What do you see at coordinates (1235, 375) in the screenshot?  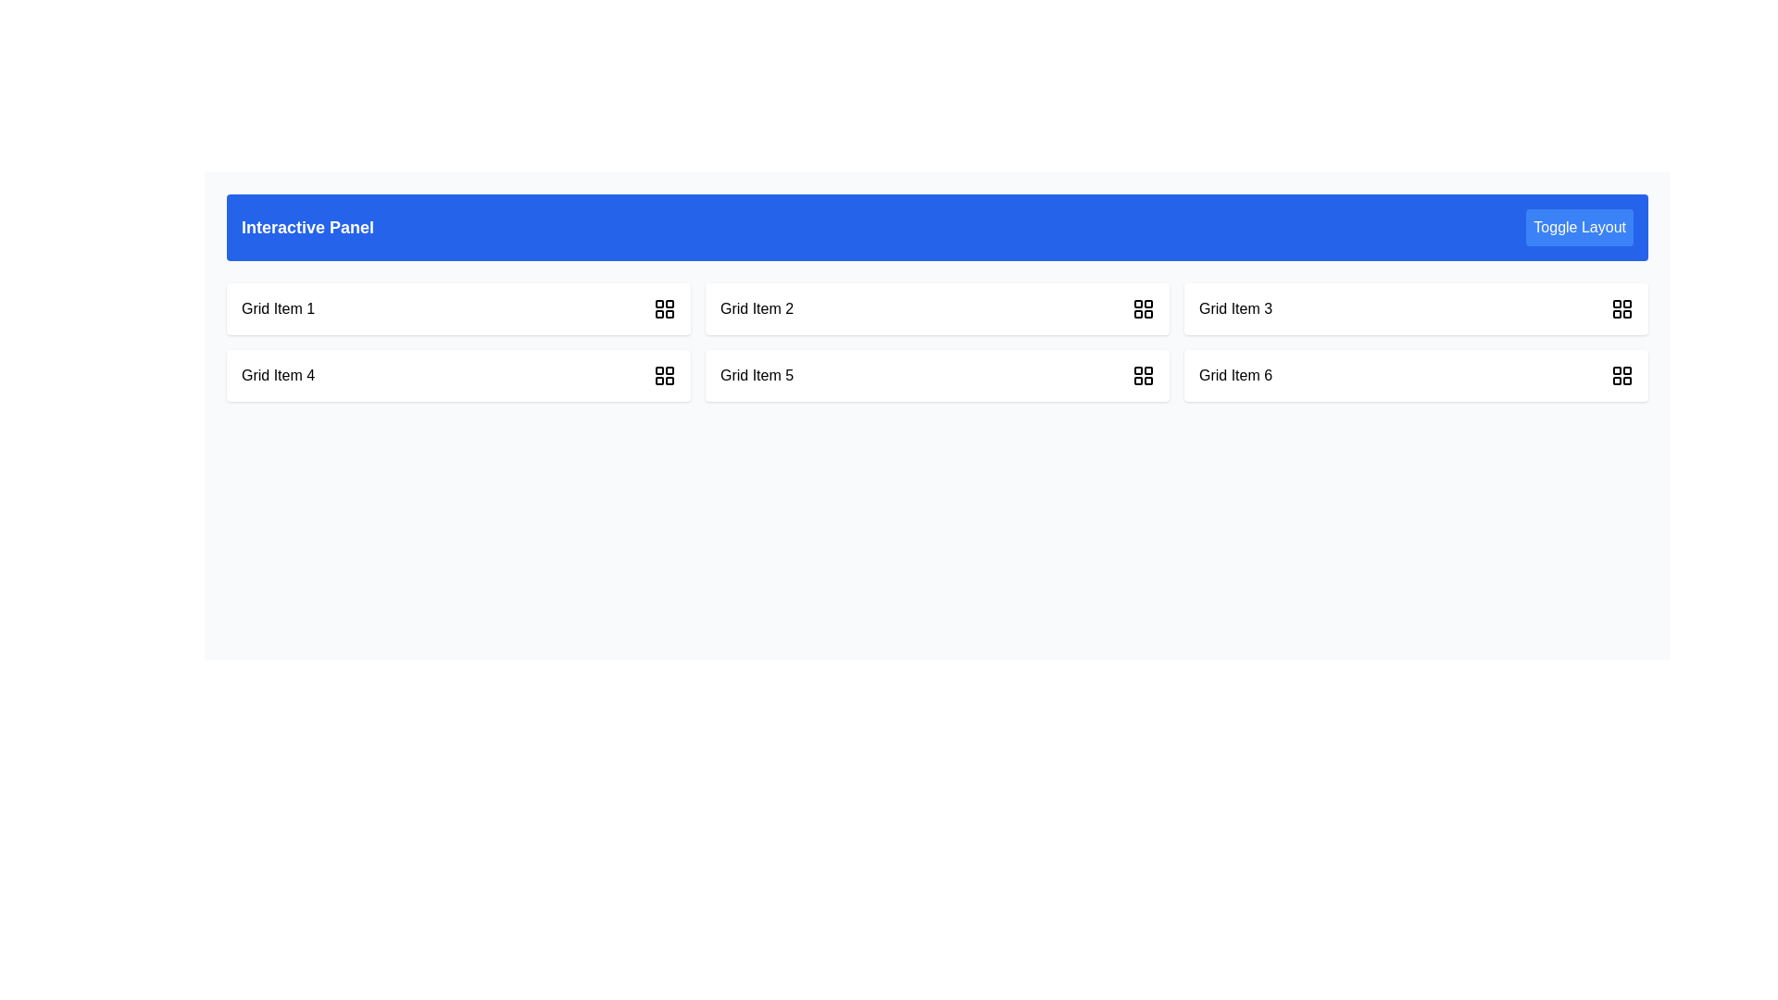 I see `the Label displaying 'Grid Item 6', which is located in the bottom-right cell of a grid layout, specifically in the second row, third column` at bounding box center [1235, 375].